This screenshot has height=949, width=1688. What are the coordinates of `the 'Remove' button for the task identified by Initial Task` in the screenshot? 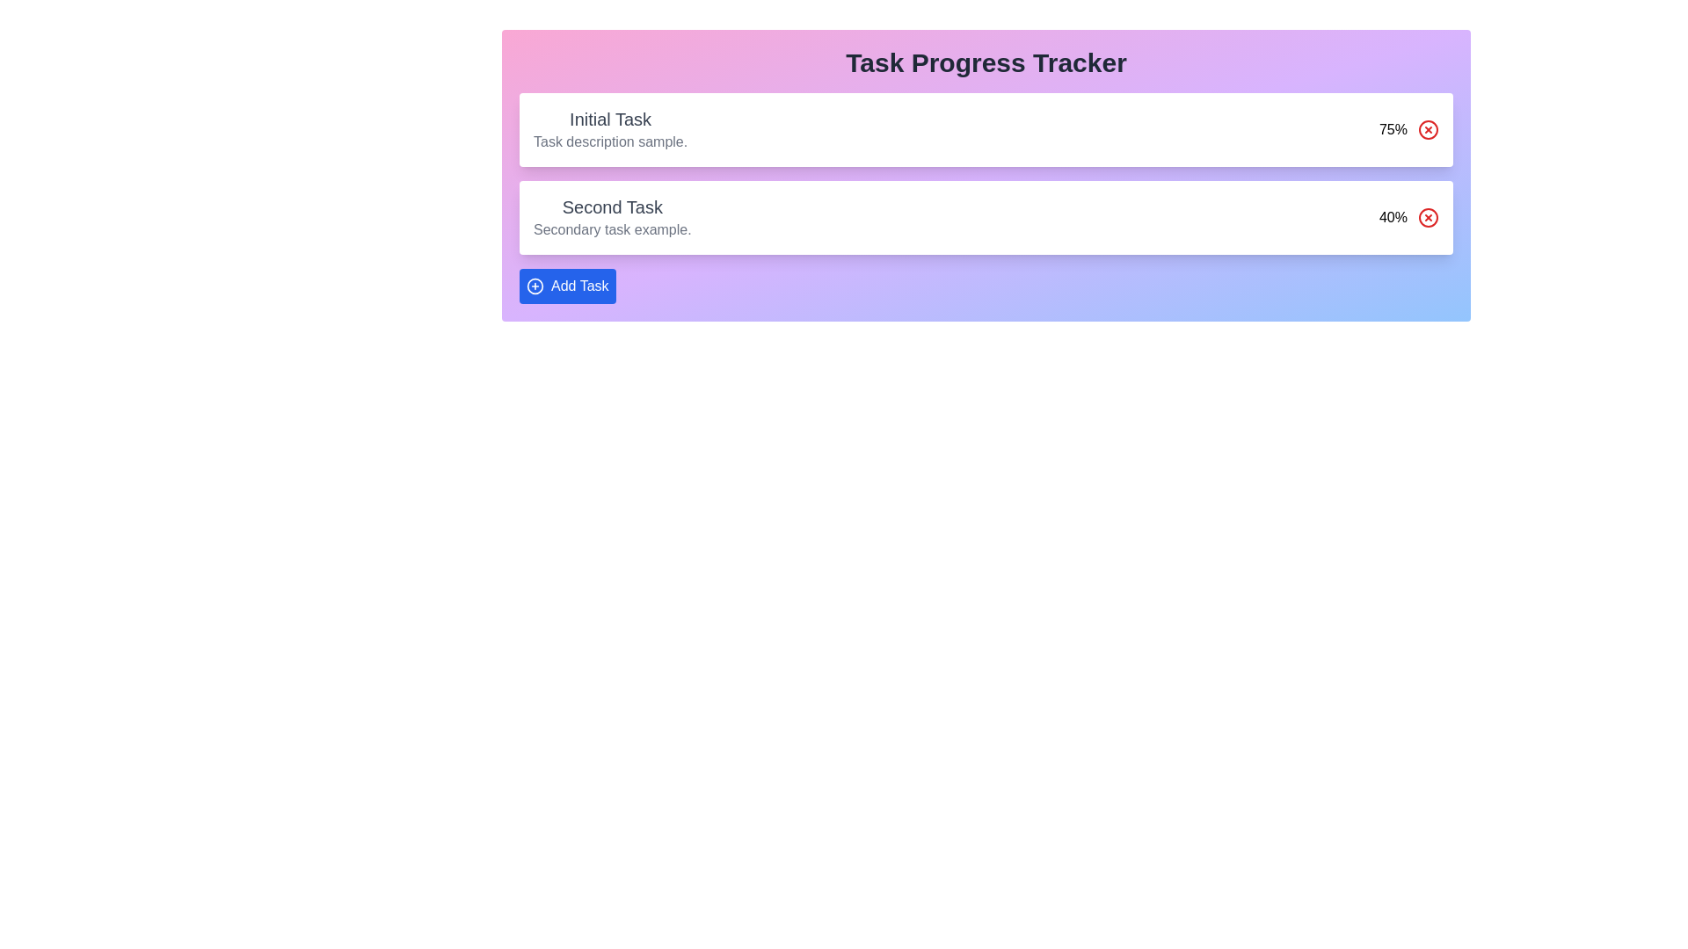 It's located at (1429, 128).